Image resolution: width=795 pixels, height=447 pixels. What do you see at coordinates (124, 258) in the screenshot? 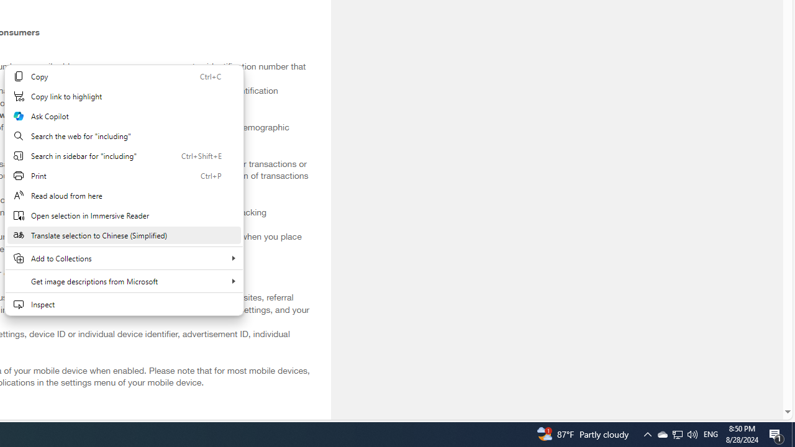
I see `'Add to Collections'` at bounding box center [124, 258].